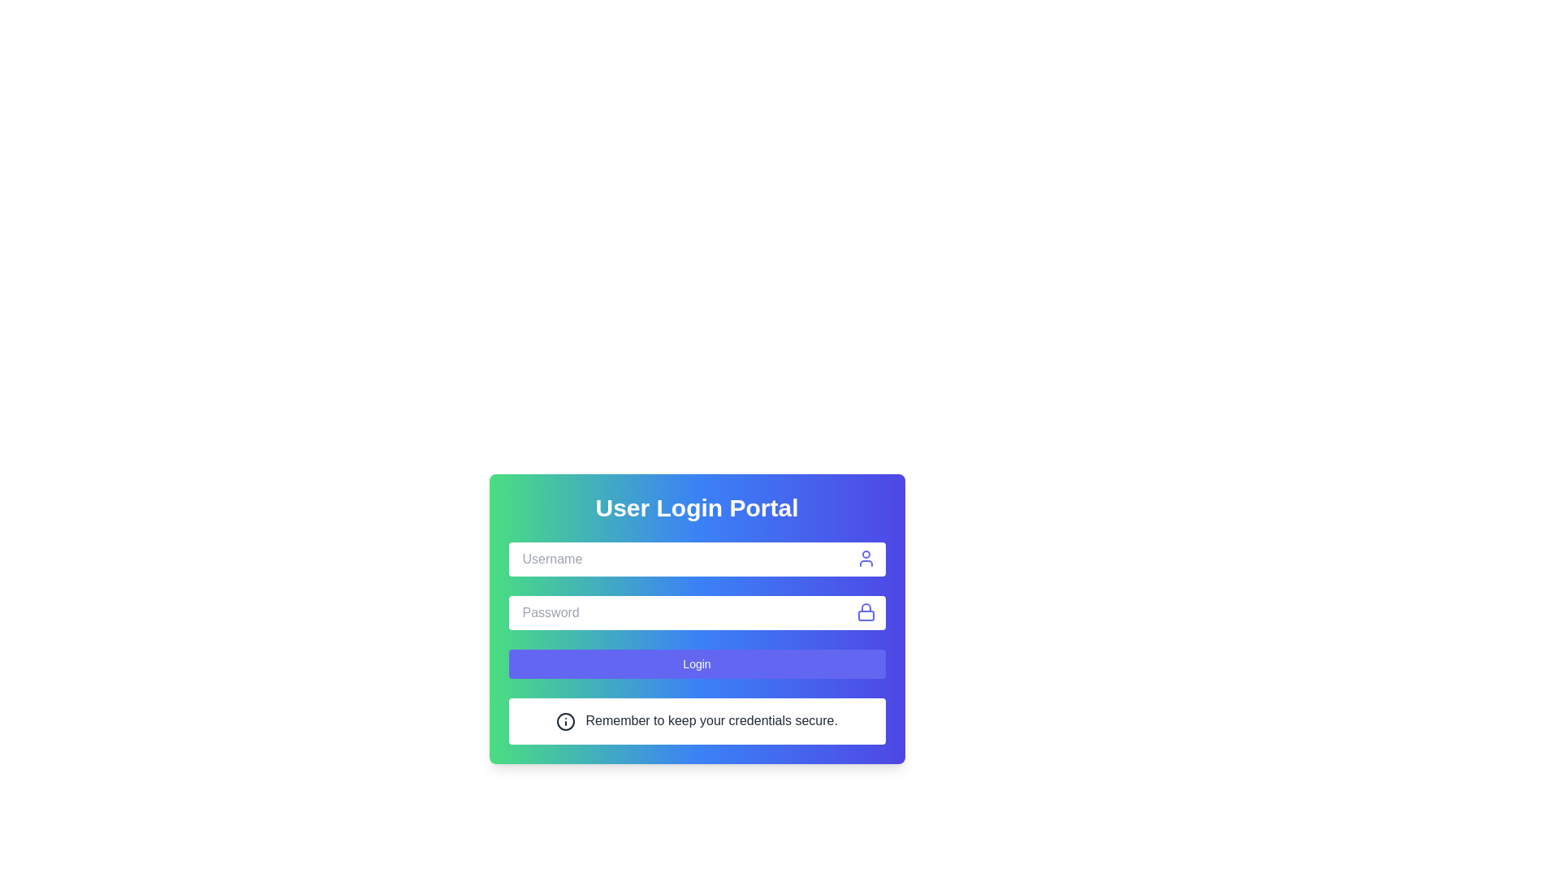  I want to click on and comprehend the informational message box located at the bottom of the card, following the blue 'Login' button, so click(697, 720).